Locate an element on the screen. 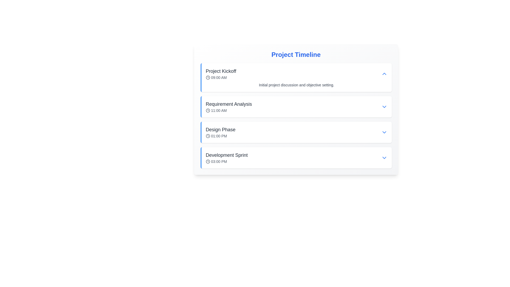 This screenshot has width=510, height=287. the blue downward-facing chevron arrow button located to the extreme right of the 'Design Phase' section, adjacent to the time display '01:00 PM' is located at coordinates (384, 132).